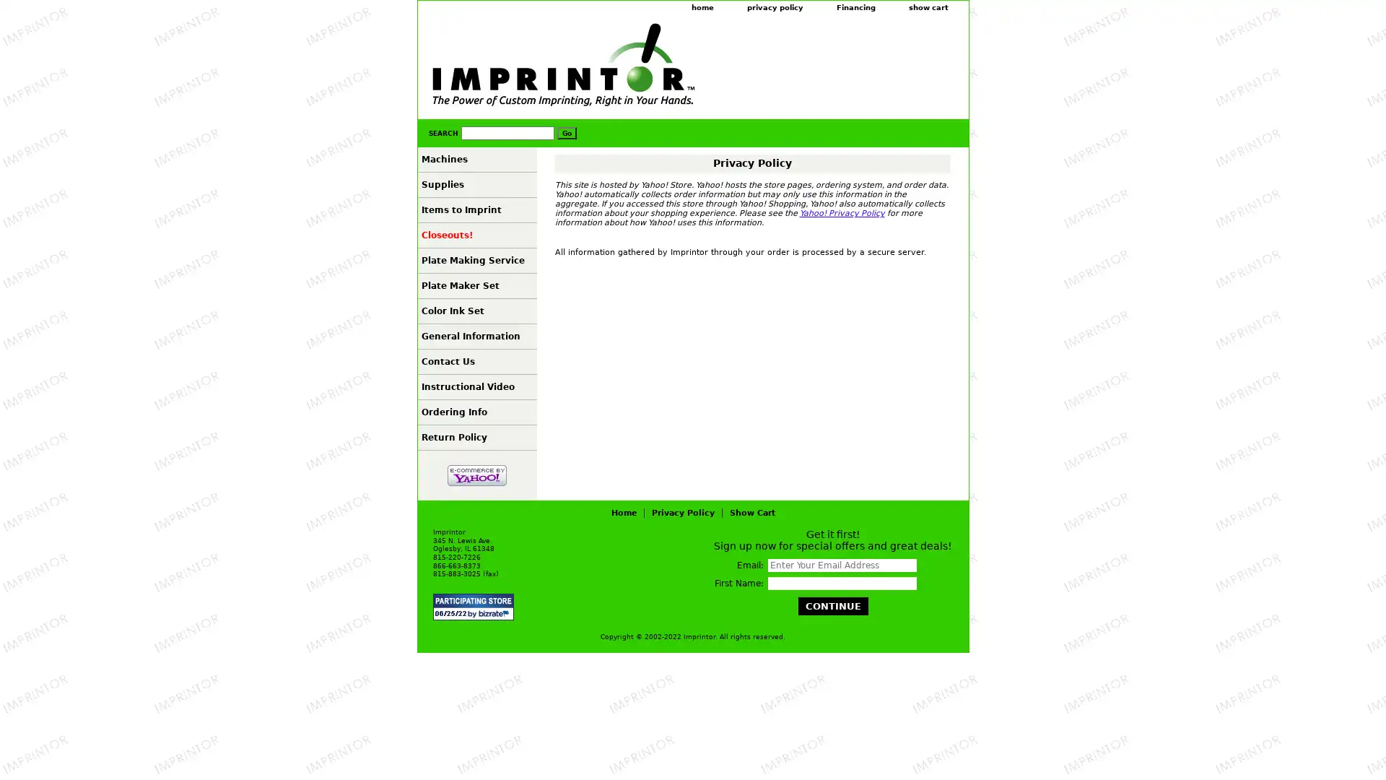  I want to click on Continue, so click(832, 606).